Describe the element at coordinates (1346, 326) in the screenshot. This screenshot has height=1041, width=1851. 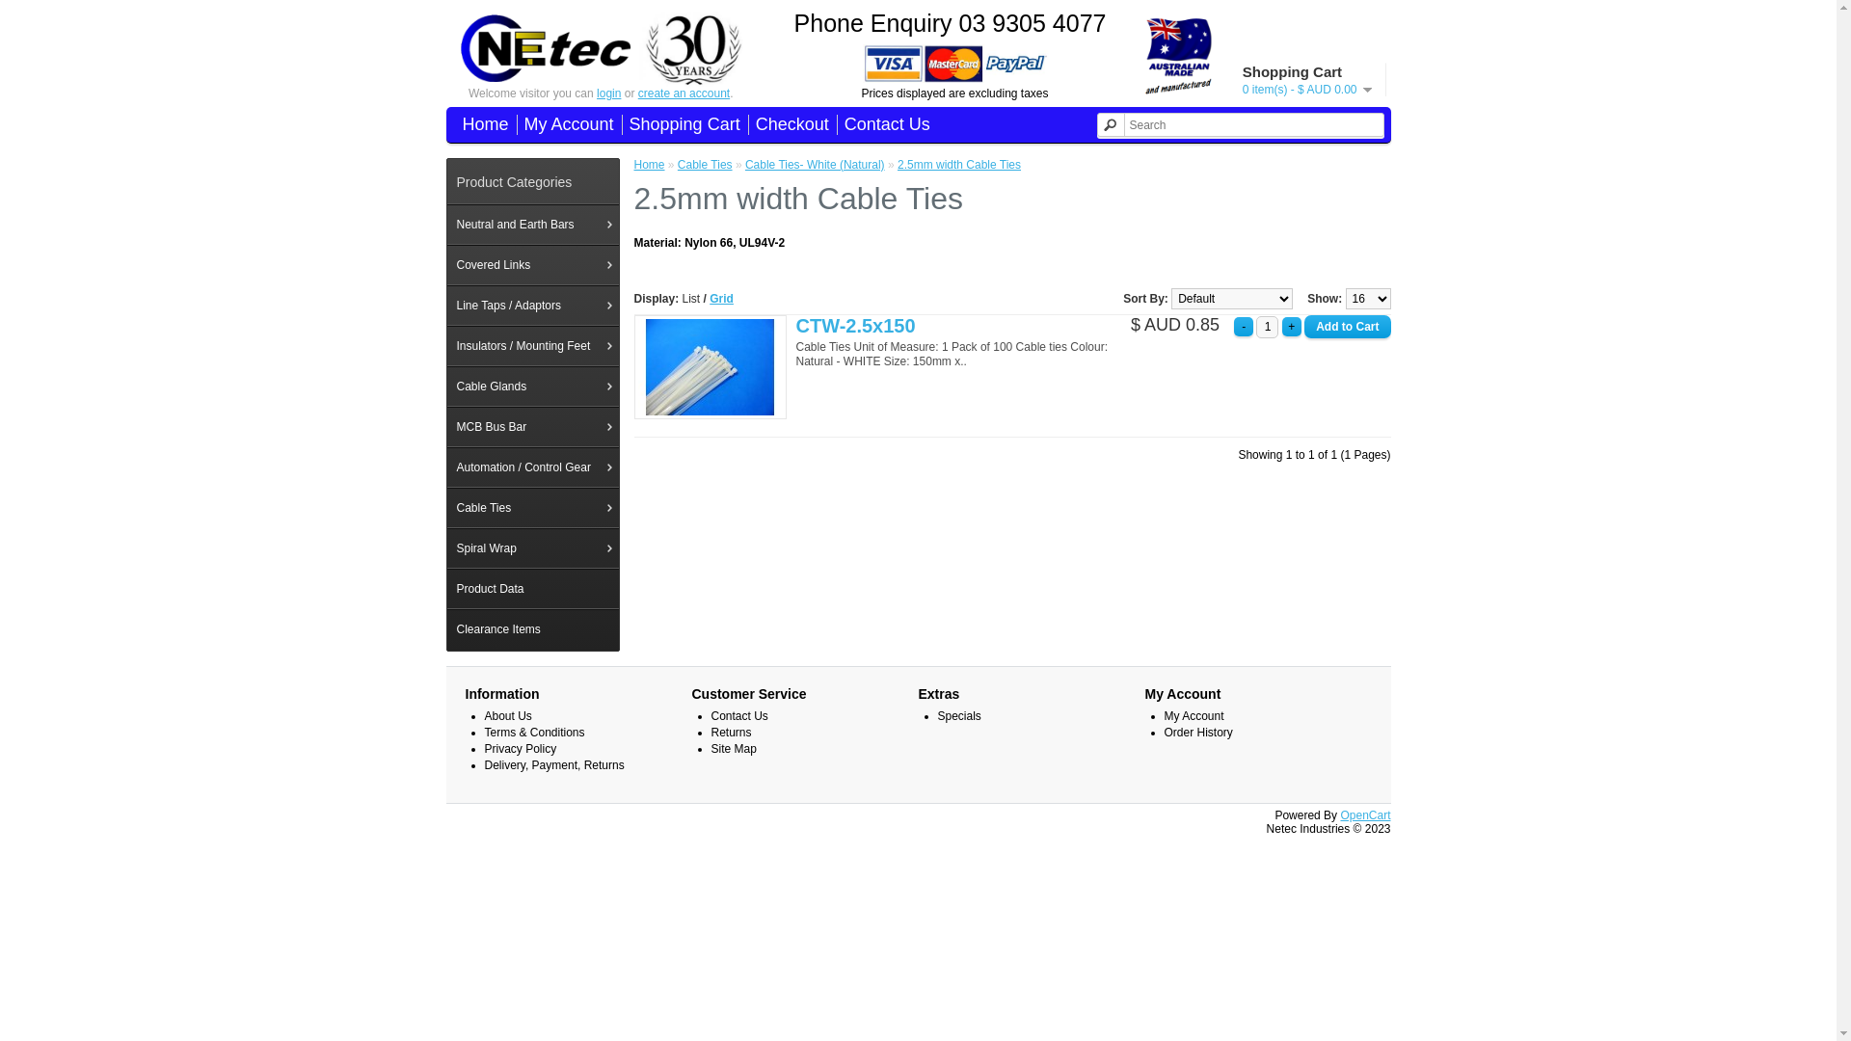
I see `'Add to Cart'` at that location.